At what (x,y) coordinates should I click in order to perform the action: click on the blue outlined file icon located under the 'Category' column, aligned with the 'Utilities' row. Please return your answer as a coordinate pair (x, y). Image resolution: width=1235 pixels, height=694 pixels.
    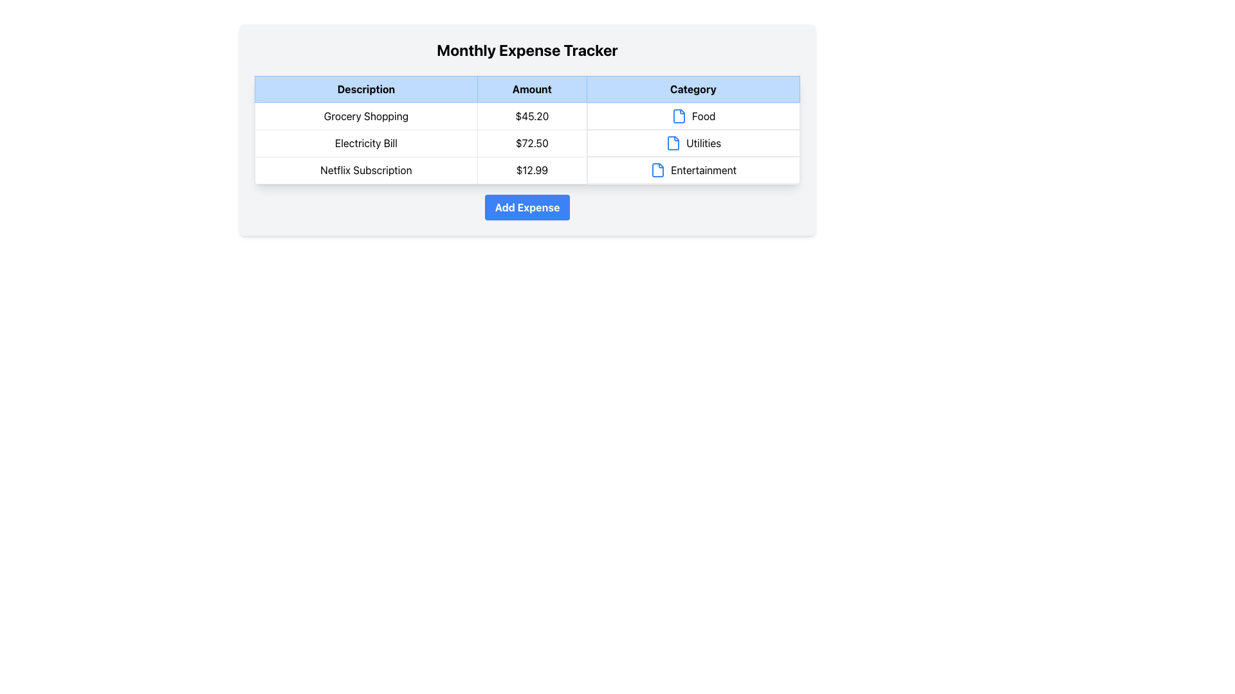
    Looking at the image, I should click on (673, 143).